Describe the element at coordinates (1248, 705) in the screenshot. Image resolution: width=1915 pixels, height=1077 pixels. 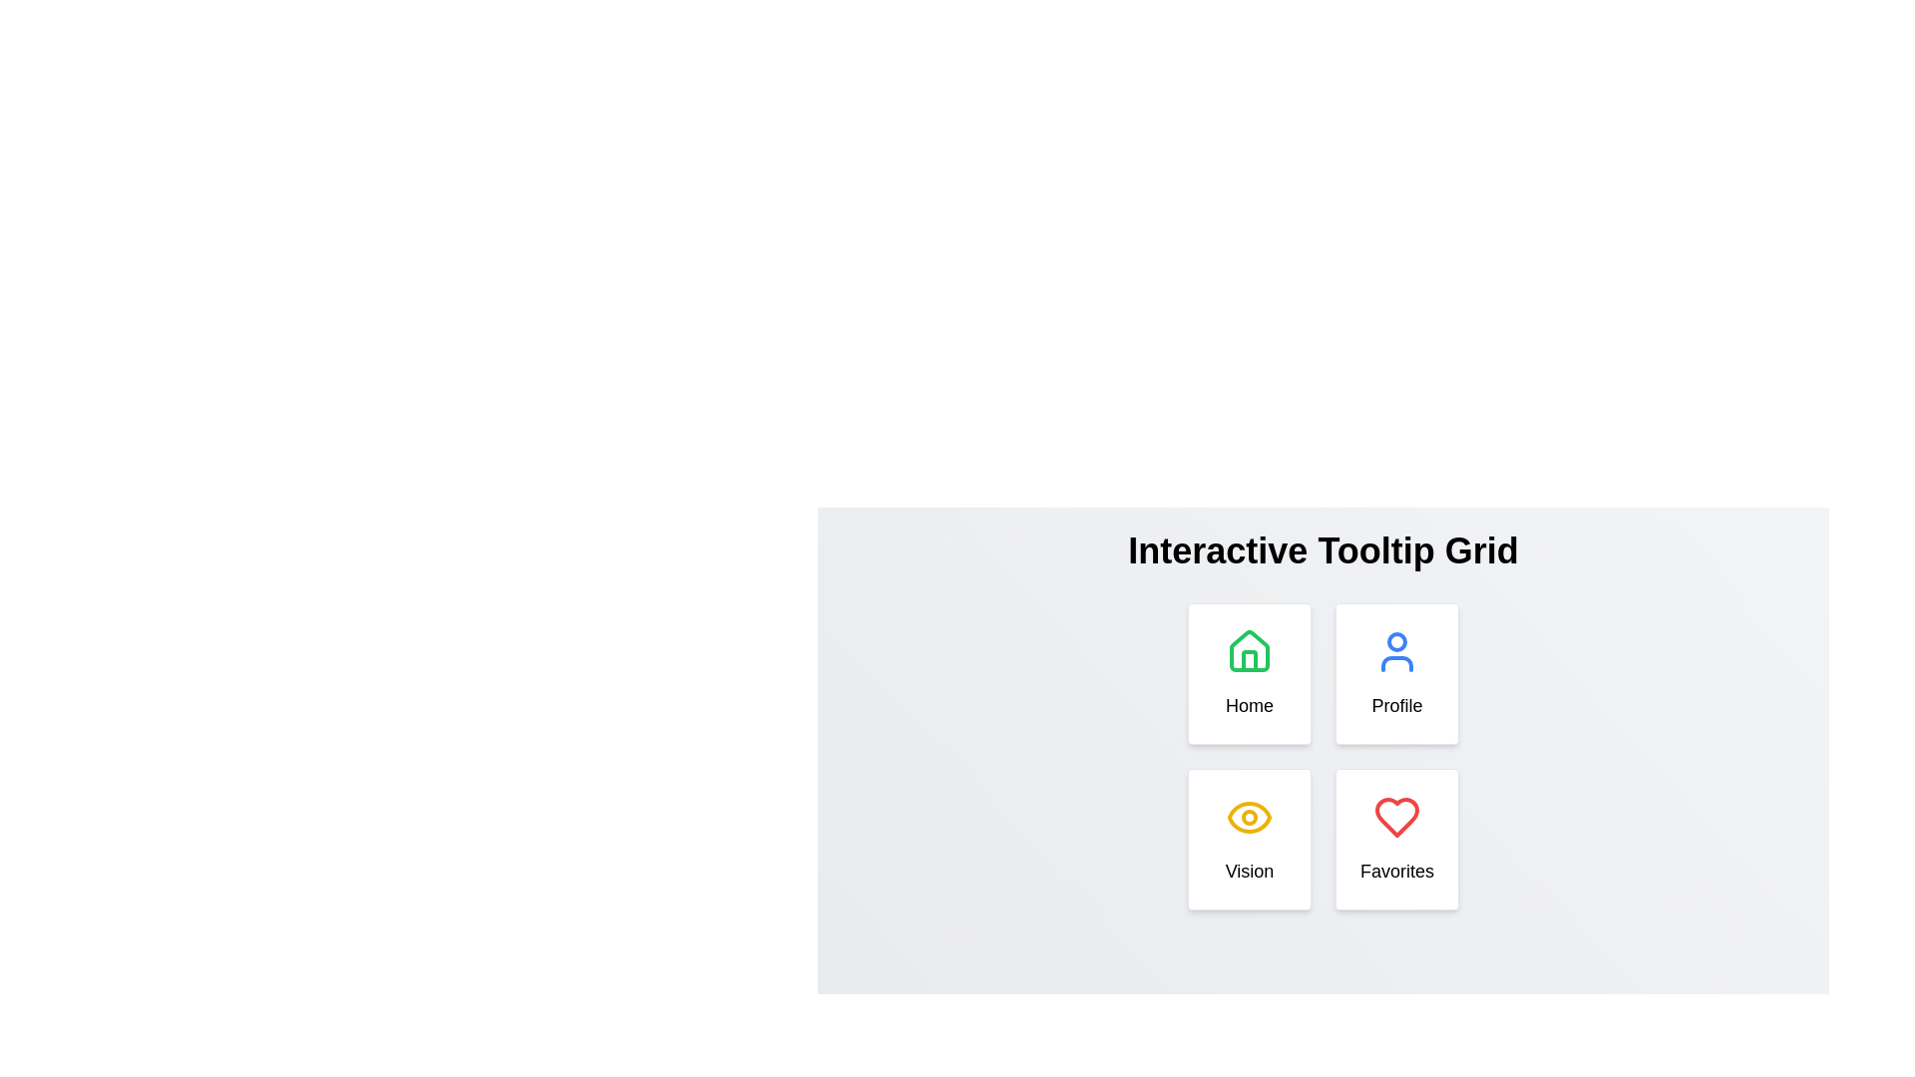
I see `the 'Home' text label located at the bottom of the card layout, which serves as a representation of the card's purpose` at that location.